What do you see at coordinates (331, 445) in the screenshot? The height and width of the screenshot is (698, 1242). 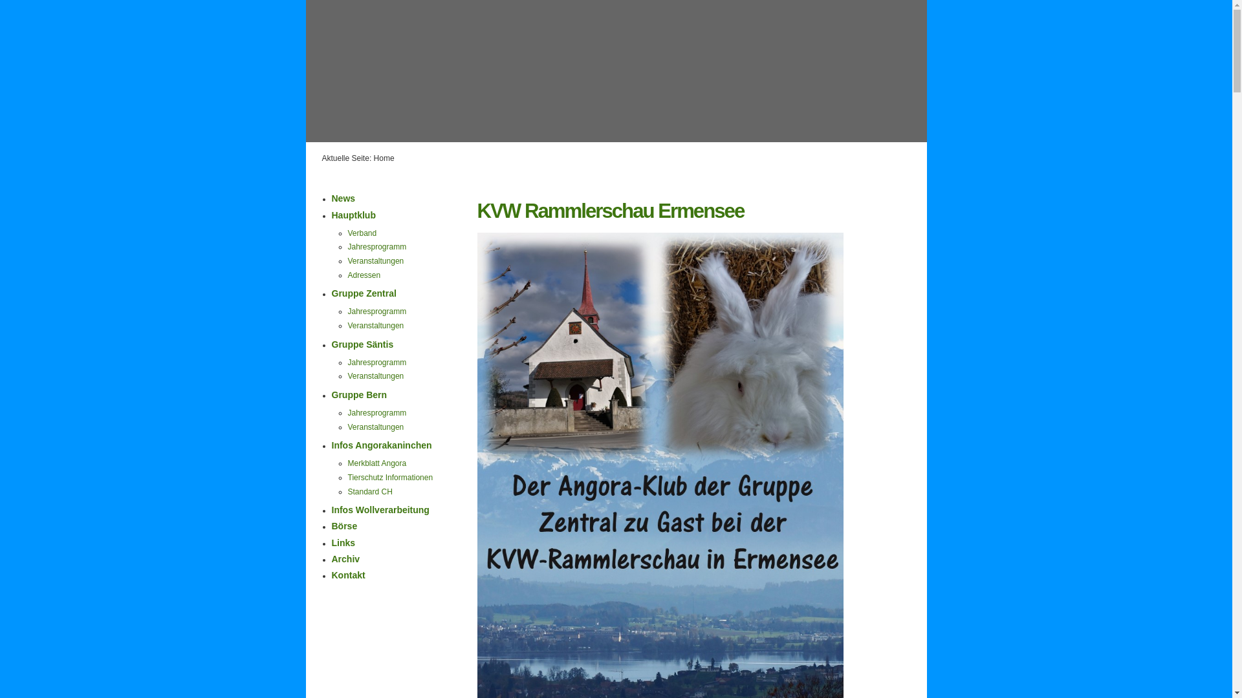 I see `'Infos Angorakaninchen'` at bounding box center [331, 445].